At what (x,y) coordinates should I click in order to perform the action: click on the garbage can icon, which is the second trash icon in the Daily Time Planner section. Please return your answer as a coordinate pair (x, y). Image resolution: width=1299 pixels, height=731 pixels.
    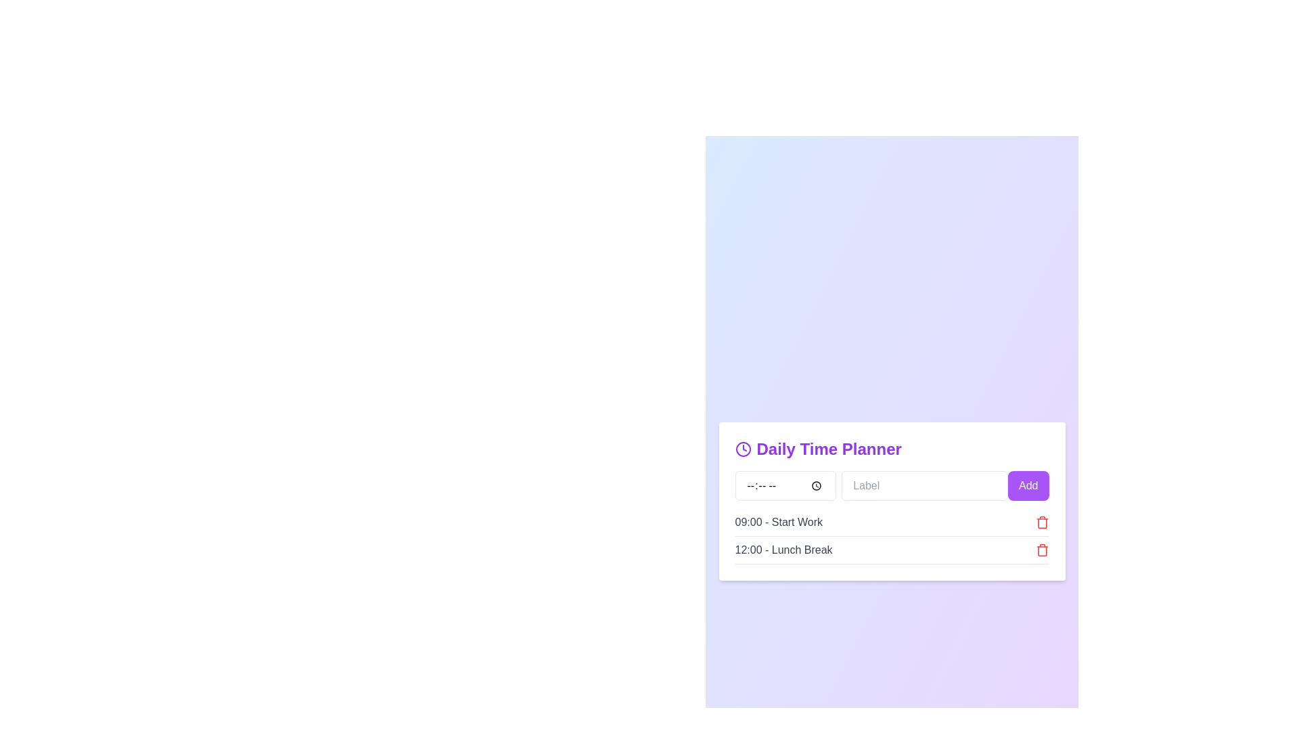
    Looking at the image, I should click on (1041, 523).